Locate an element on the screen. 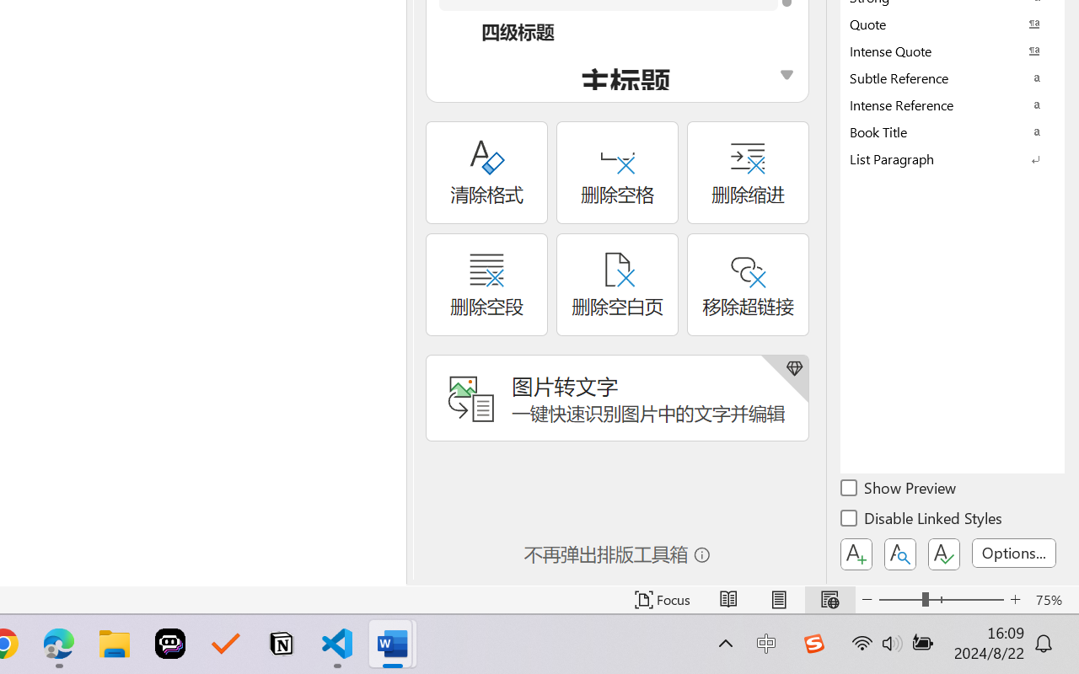 The height and width of the screenshot is (674, 1079). 'Focus ' is located at coordinates (662, 599).